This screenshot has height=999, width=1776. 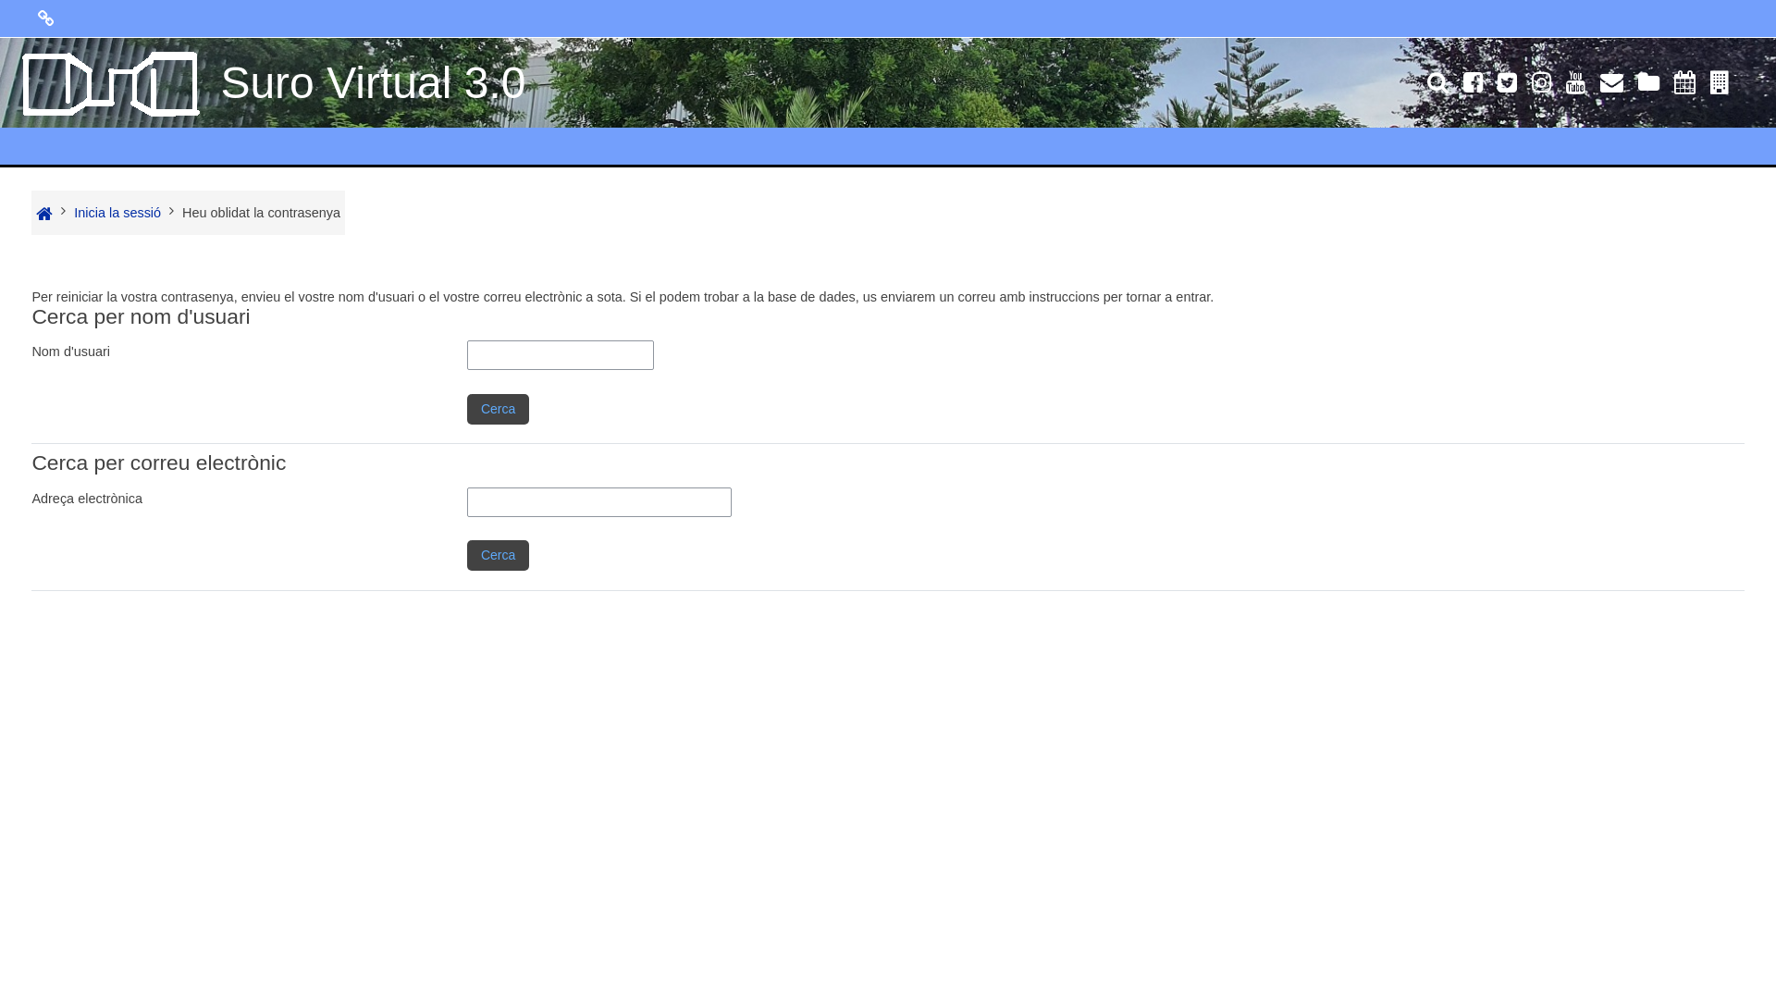 What do you see at coordinates (1507, 85) in the screenshot?
I see `'Twitter del centre'` at bounding box center [1507, 85].